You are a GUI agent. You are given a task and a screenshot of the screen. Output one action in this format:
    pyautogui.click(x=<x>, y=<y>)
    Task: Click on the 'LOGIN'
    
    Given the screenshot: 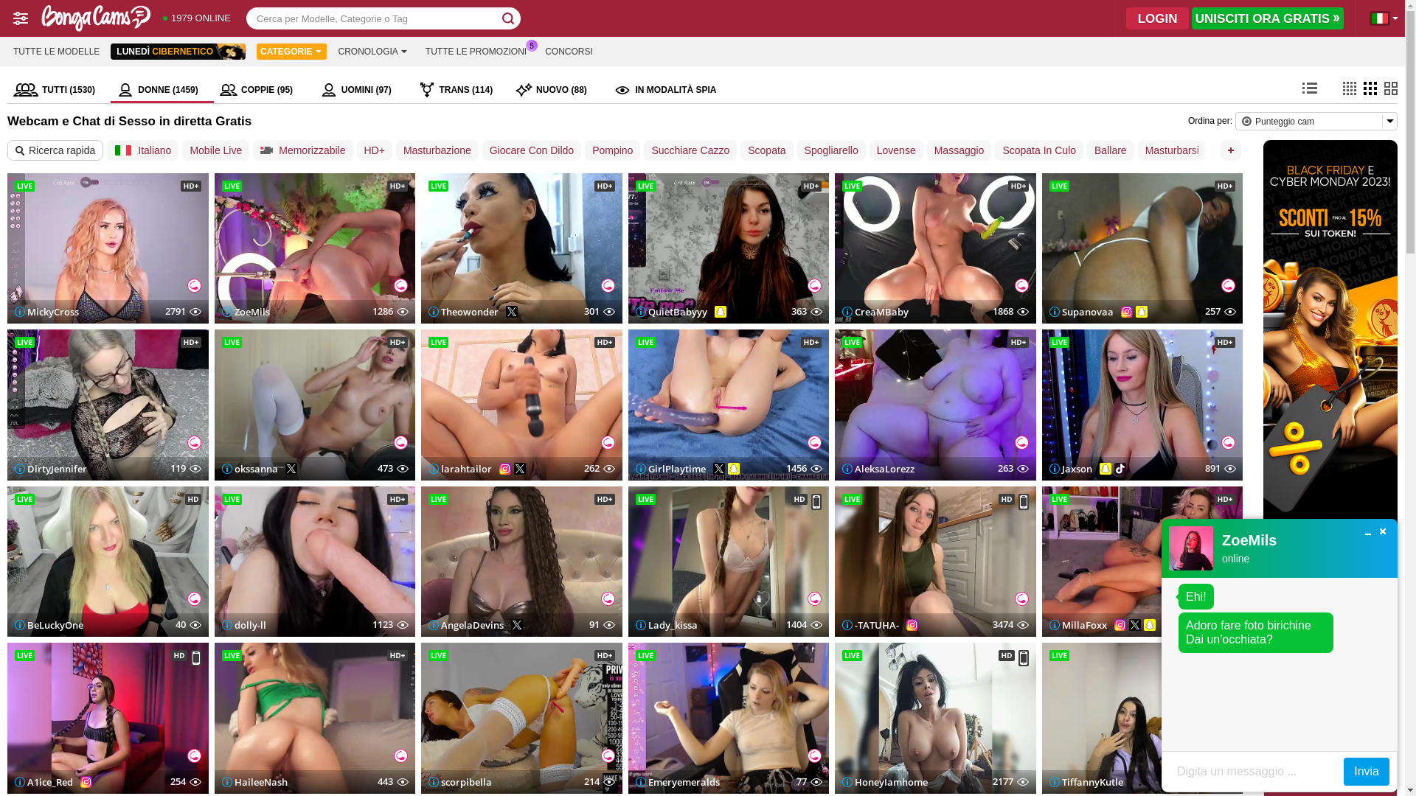 What is the action you would take?
    pyautogui.click(x=1156, y=18)
    